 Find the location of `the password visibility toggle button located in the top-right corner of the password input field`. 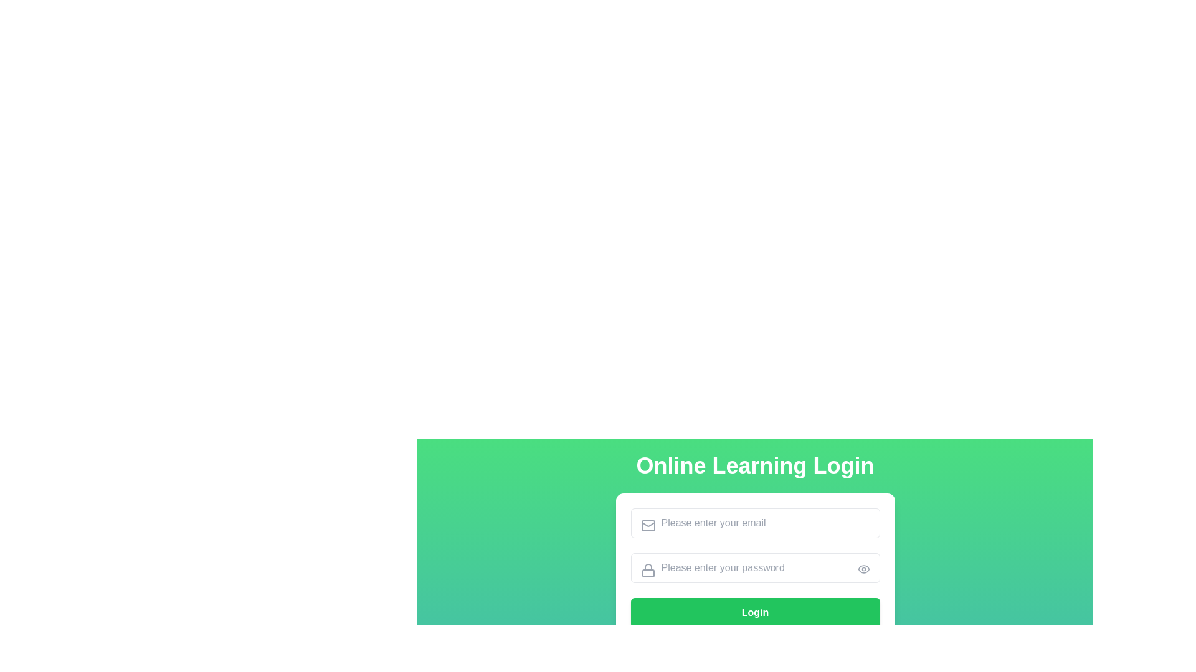

the password visibility toggle button located in the top-right corner of the password input field is located at coordinates (863, 569).